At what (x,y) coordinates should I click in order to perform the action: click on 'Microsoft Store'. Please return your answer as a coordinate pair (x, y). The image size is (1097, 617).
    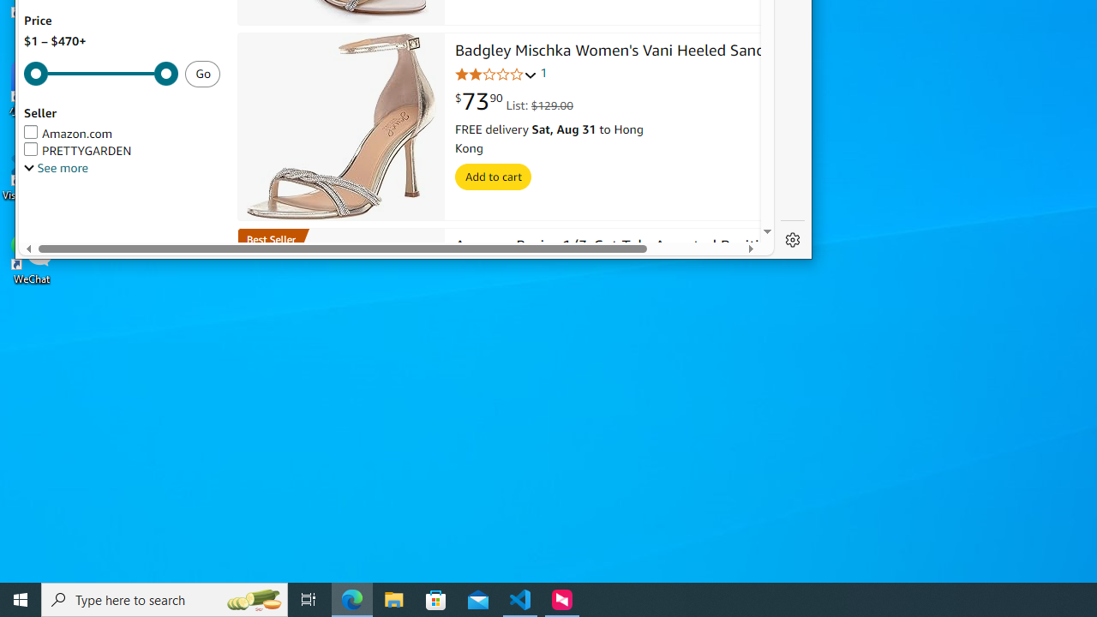
    Looking at the image, I should click on (436, 598).